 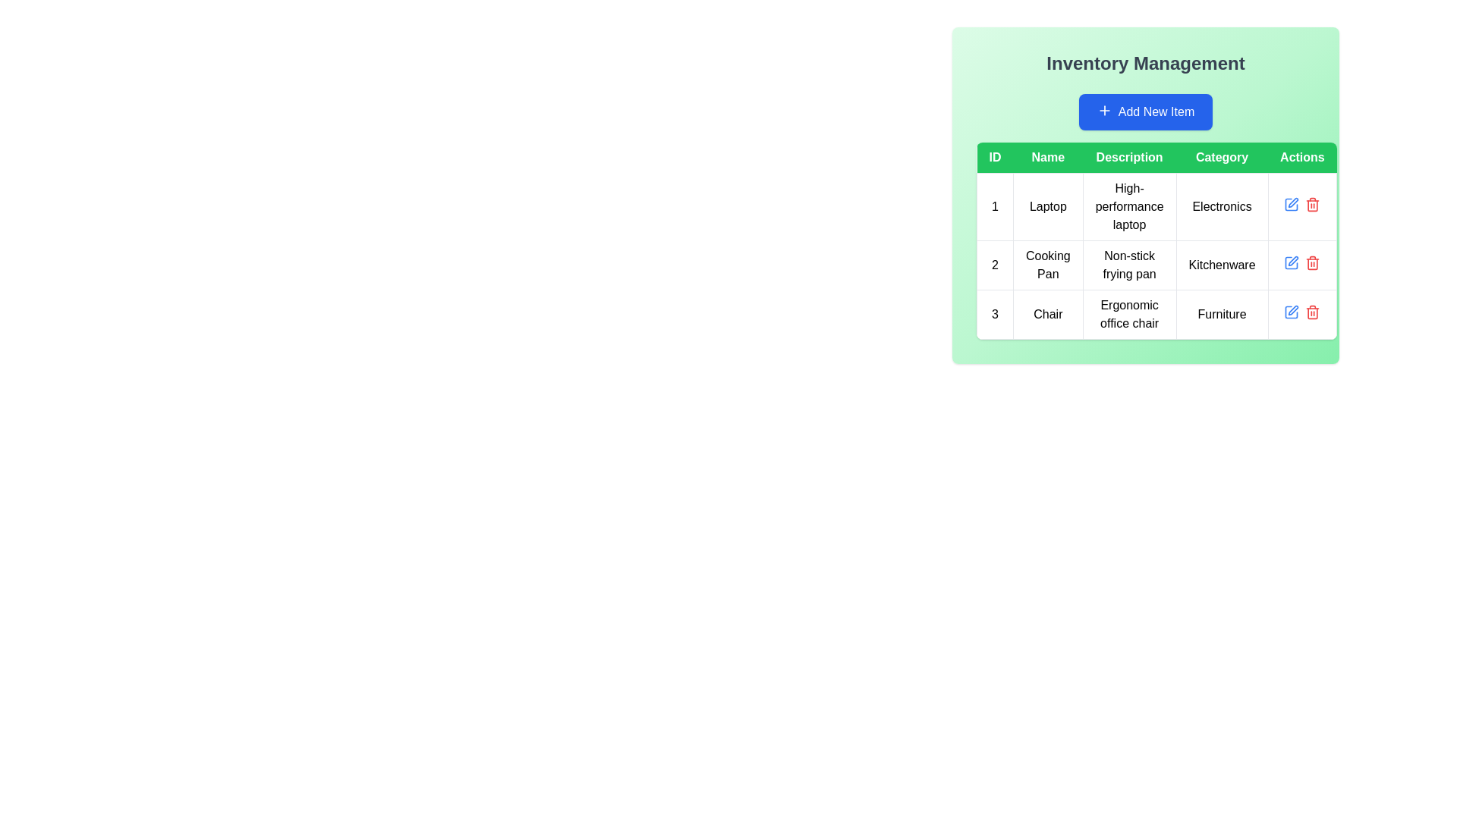 I want to click on the Text Display that shows the name 'Chair' in the second column of the inventory management table, located in the third row, so click(x=1047, y=314).